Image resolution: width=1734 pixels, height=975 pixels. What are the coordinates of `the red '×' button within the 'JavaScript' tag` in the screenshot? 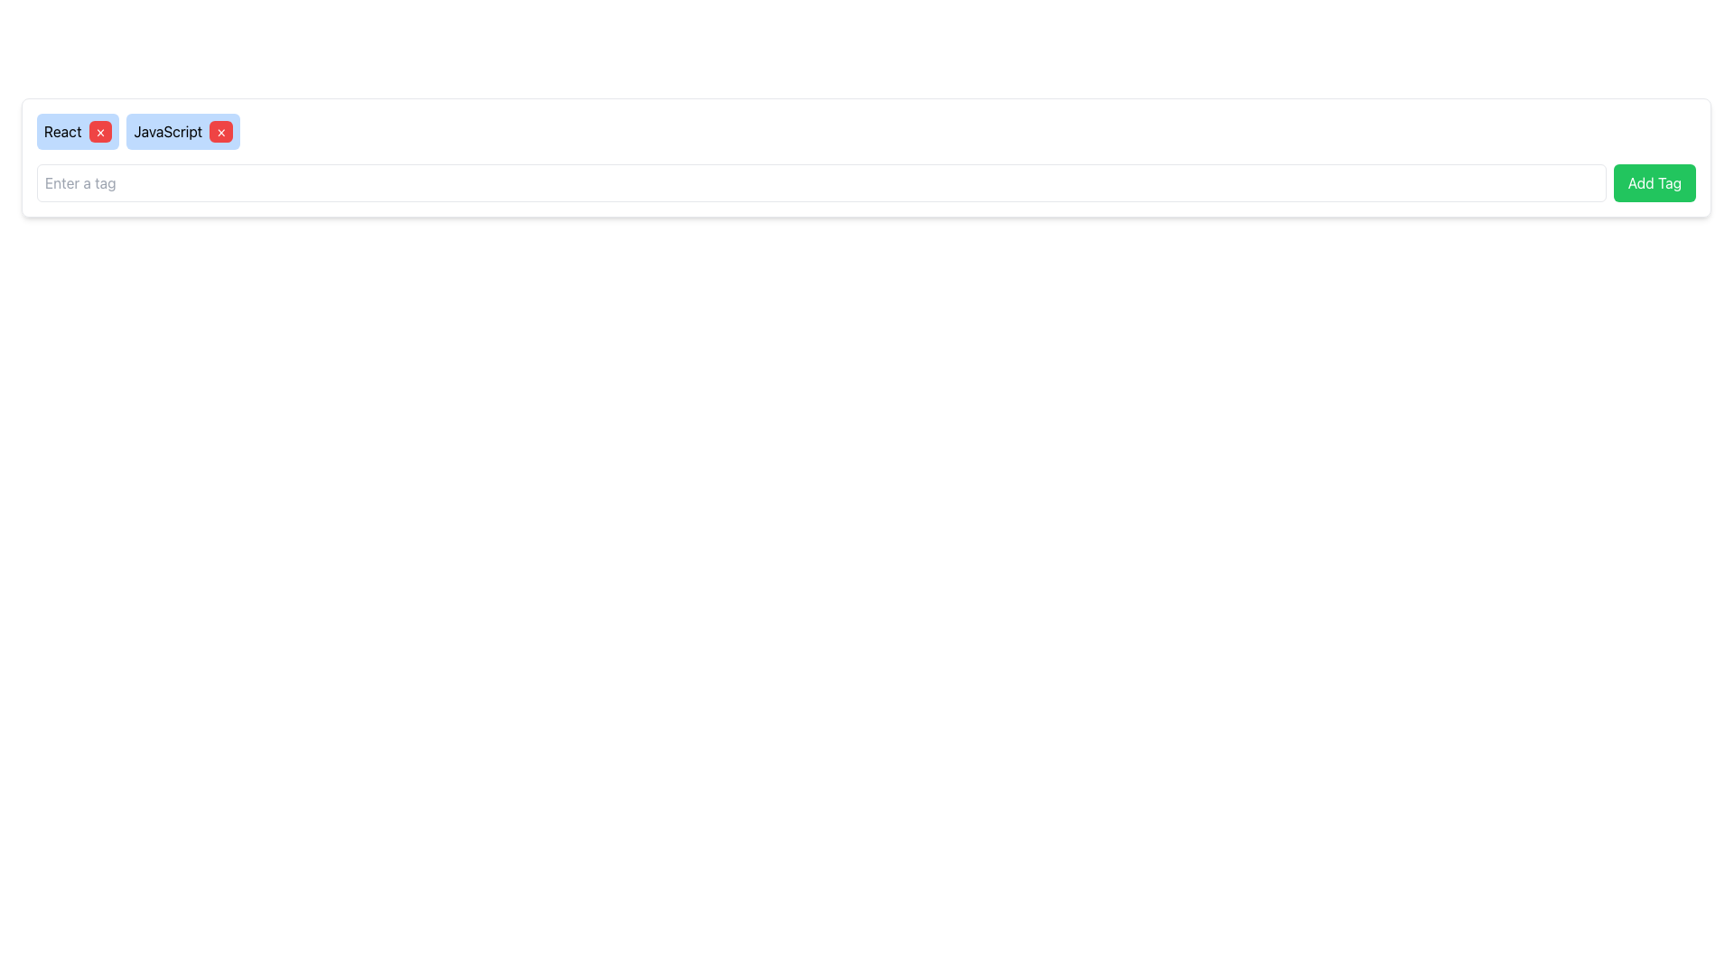 It's located at (183, 131).